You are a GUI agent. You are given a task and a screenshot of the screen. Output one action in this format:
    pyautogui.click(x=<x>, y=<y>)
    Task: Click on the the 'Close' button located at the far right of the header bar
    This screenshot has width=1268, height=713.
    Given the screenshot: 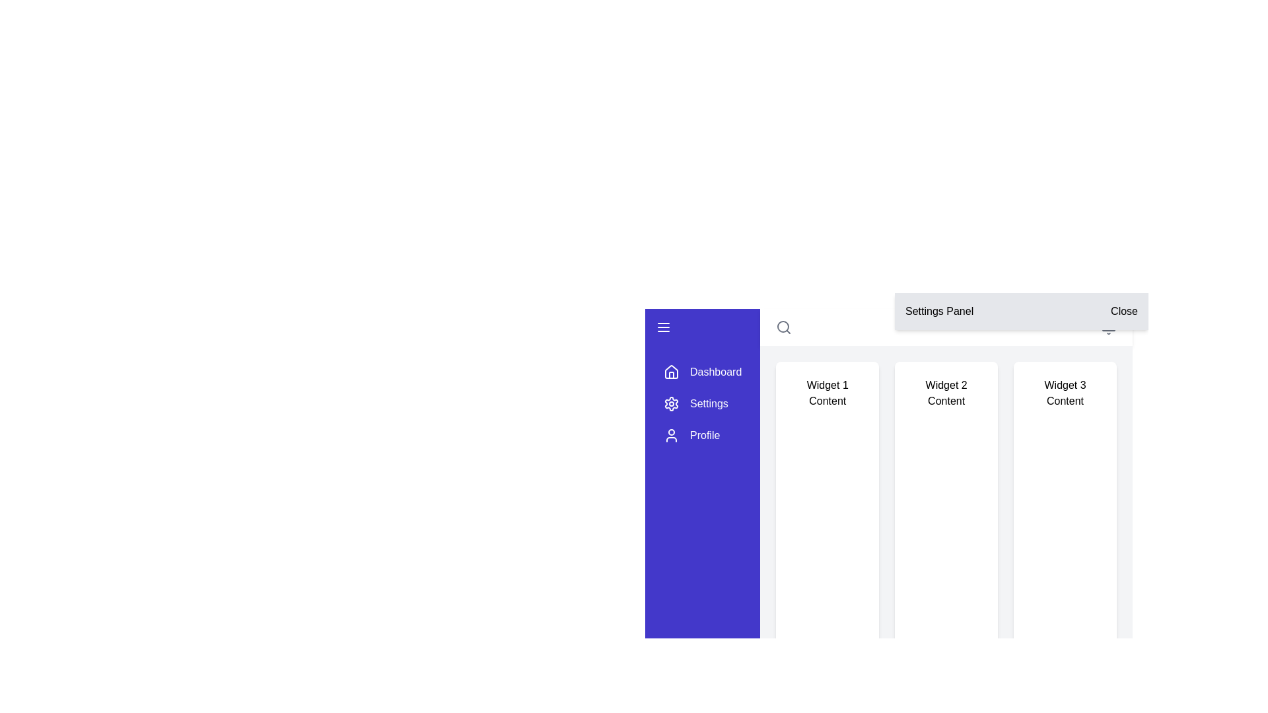 What is the action you would take?
    pyautogui.click(x=1123, y=311)
    